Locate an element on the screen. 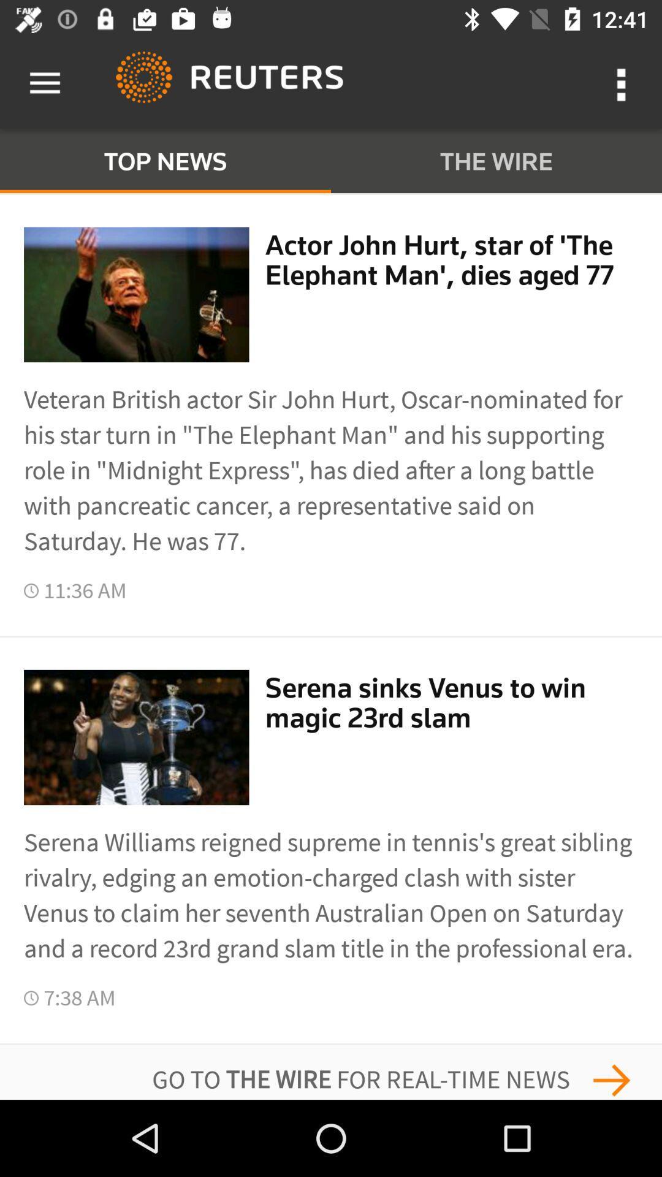 The width and height of the screenshot is (662, 1177). the second picture next to 1136 am is located at coordinates (137, 737).